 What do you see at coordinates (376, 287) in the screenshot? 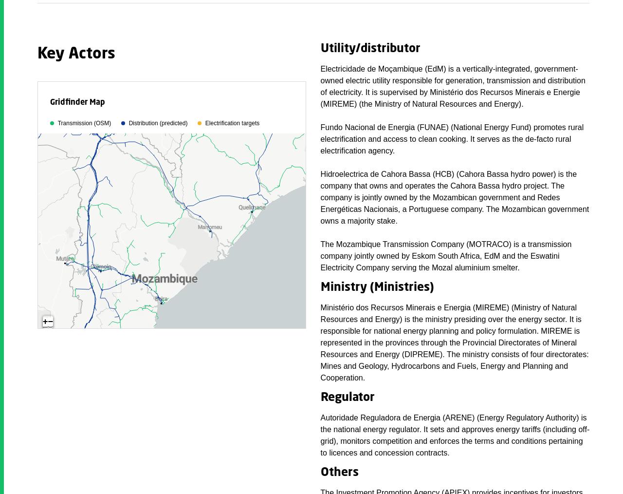
I see `'Ministry (Ministries)'` at bounding box center [376, 287].